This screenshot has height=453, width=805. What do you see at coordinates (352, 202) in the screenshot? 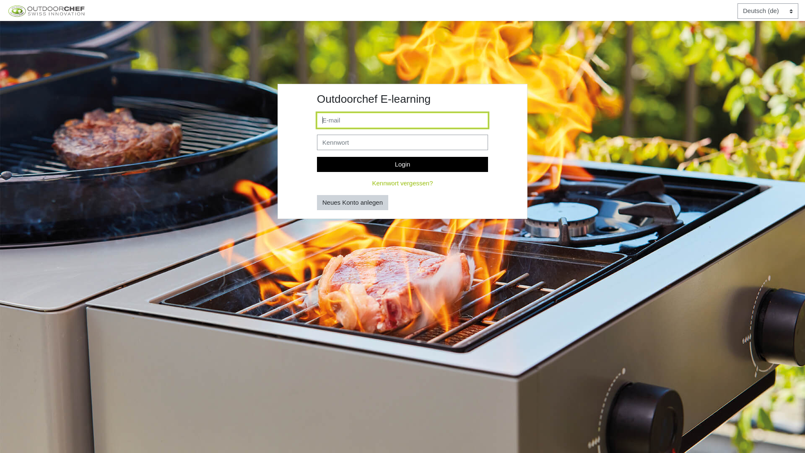
I see `'Neues Konto anlegen'` at bounding box center [352, 202].